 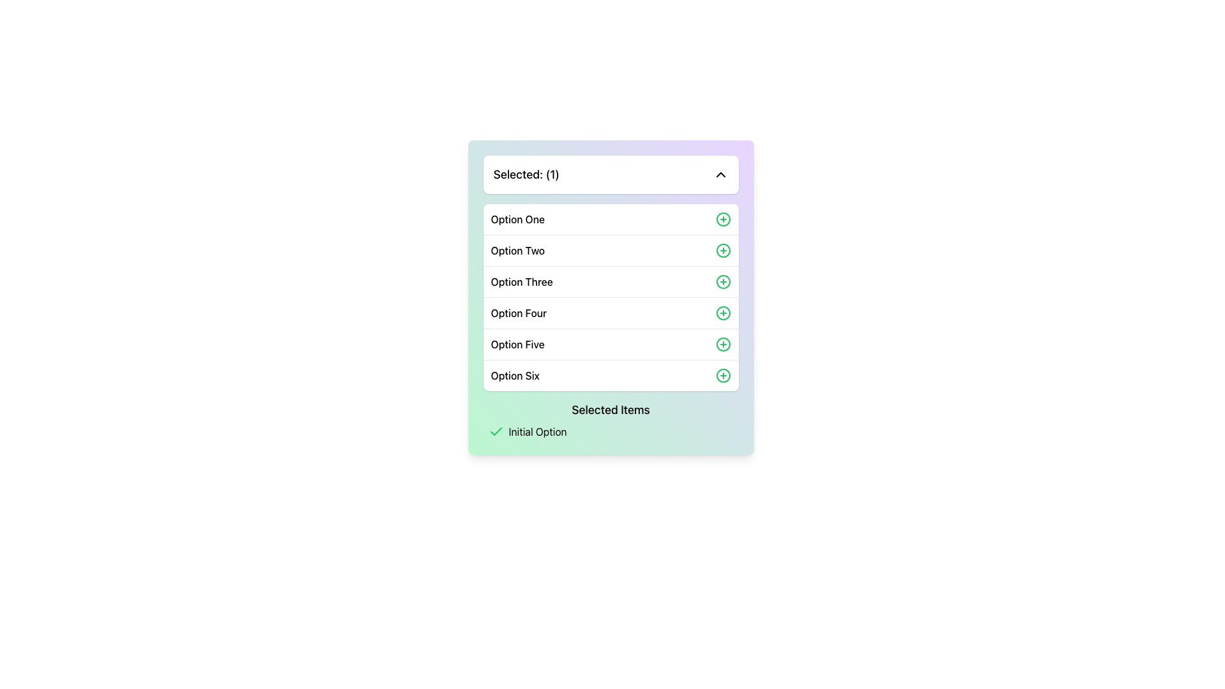 I want to click on 'Option Two' in the dropdown menu to trigger its associated functionality, which includes selecting or adding it to a list, so click(x=610, y=250).